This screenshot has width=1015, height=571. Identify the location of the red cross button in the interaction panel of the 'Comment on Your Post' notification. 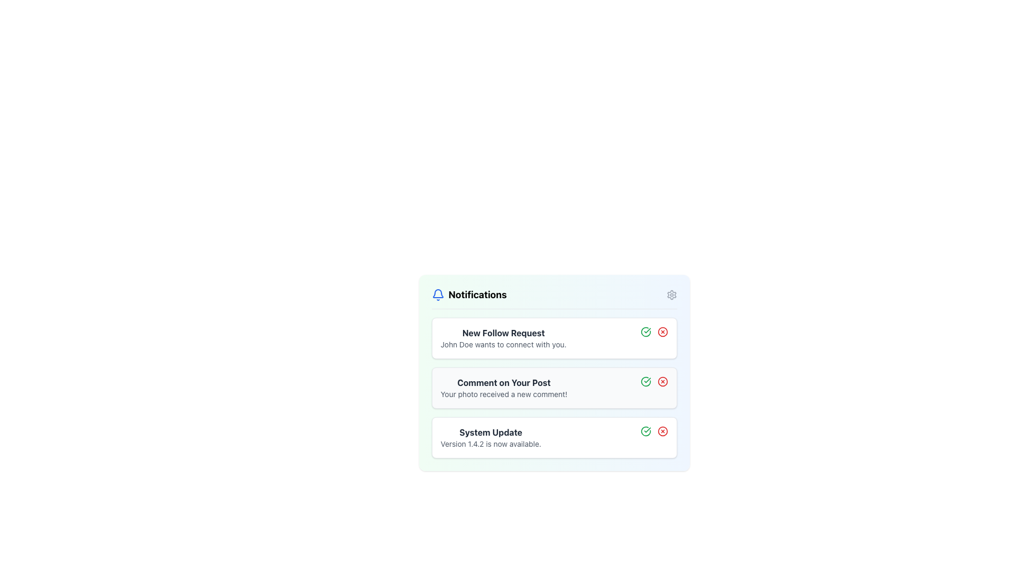
(653, 381).